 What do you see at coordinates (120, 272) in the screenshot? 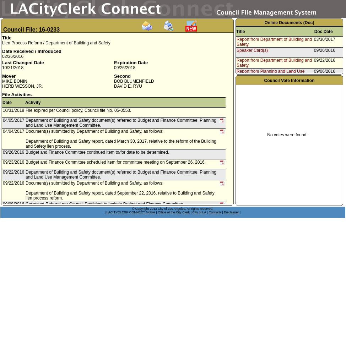
I see `'Department of Building and Safety report, dated August 19, 2016, relative to report back regarding steps to improve the current process for nuisance abatement and code enforcement non-compliance liens.'` at bounding box center [120, 272].